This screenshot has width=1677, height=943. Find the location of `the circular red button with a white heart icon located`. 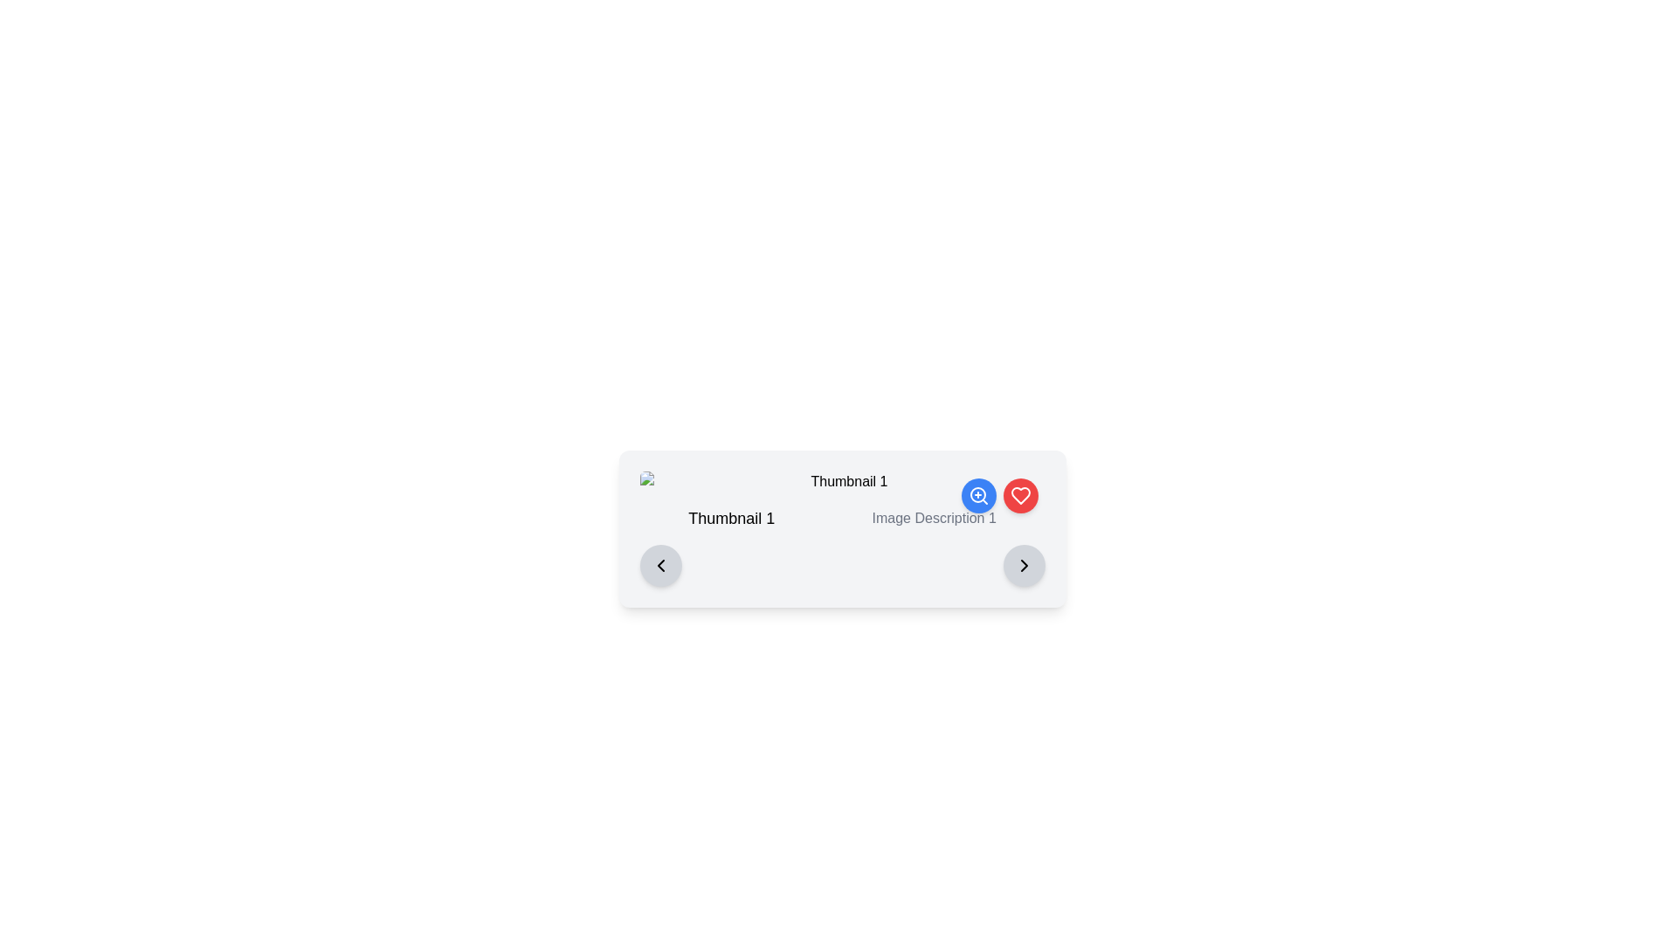

the circular red button with a white heart icon located is located at coordinates (1020, 495).